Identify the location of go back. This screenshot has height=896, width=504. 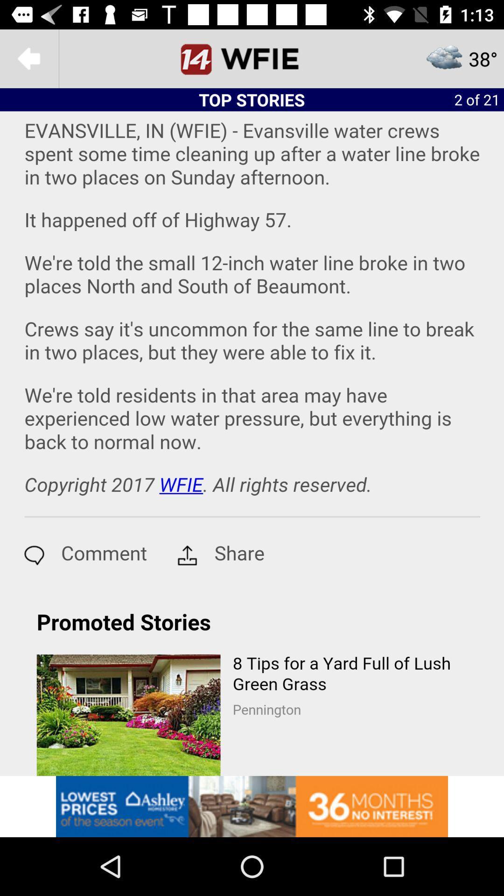
(28, 58).